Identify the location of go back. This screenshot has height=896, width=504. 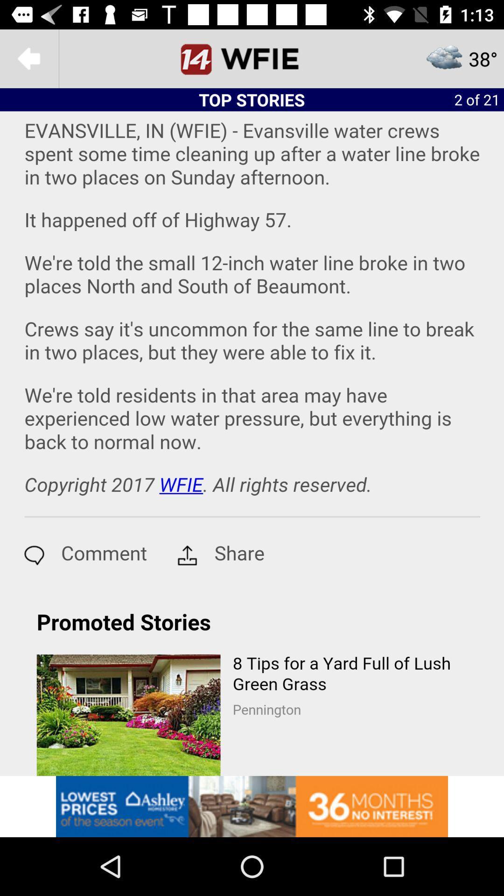
(28, 58).